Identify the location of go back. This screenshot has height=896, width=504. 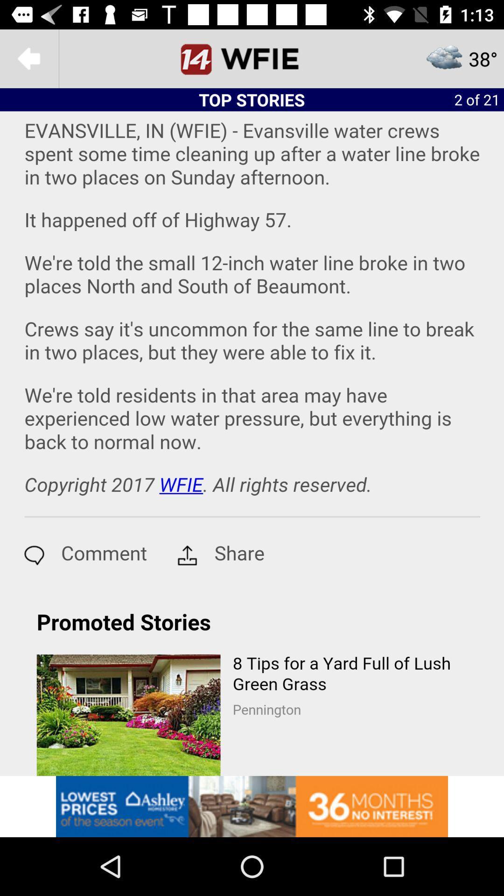
(28, 58).